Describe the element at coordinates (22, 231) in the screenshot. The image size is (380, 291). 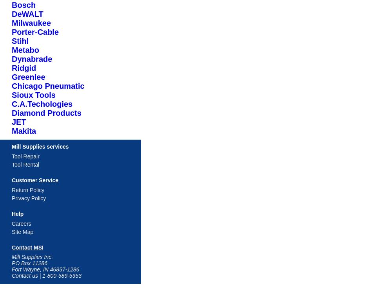
I see `'Site Map'` at that location.